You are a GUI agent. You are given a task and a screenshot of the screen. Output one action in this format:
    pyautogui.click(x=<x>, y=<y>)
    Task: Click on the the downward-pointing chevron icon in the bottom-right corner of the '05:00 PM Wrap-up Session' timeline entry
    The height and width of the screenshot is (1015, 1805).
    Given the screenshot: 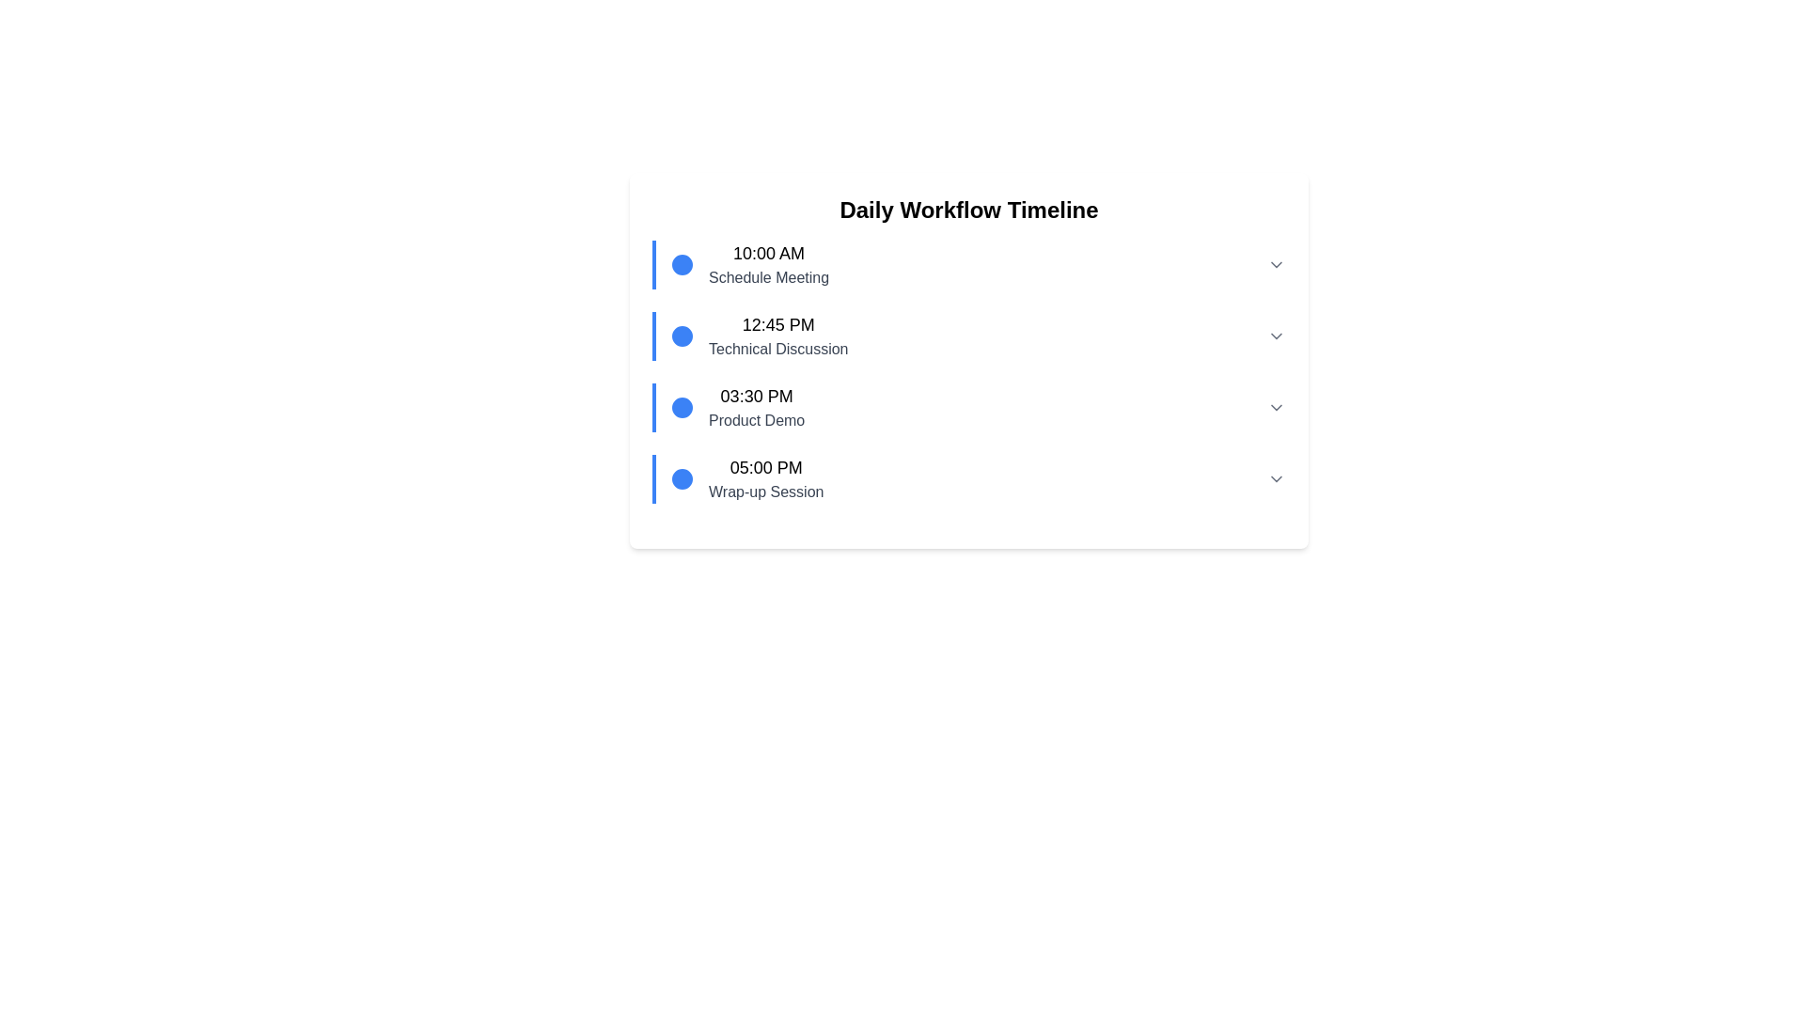 What is the action you would take?
    pyautogui.click(x=1277, y=477)
    